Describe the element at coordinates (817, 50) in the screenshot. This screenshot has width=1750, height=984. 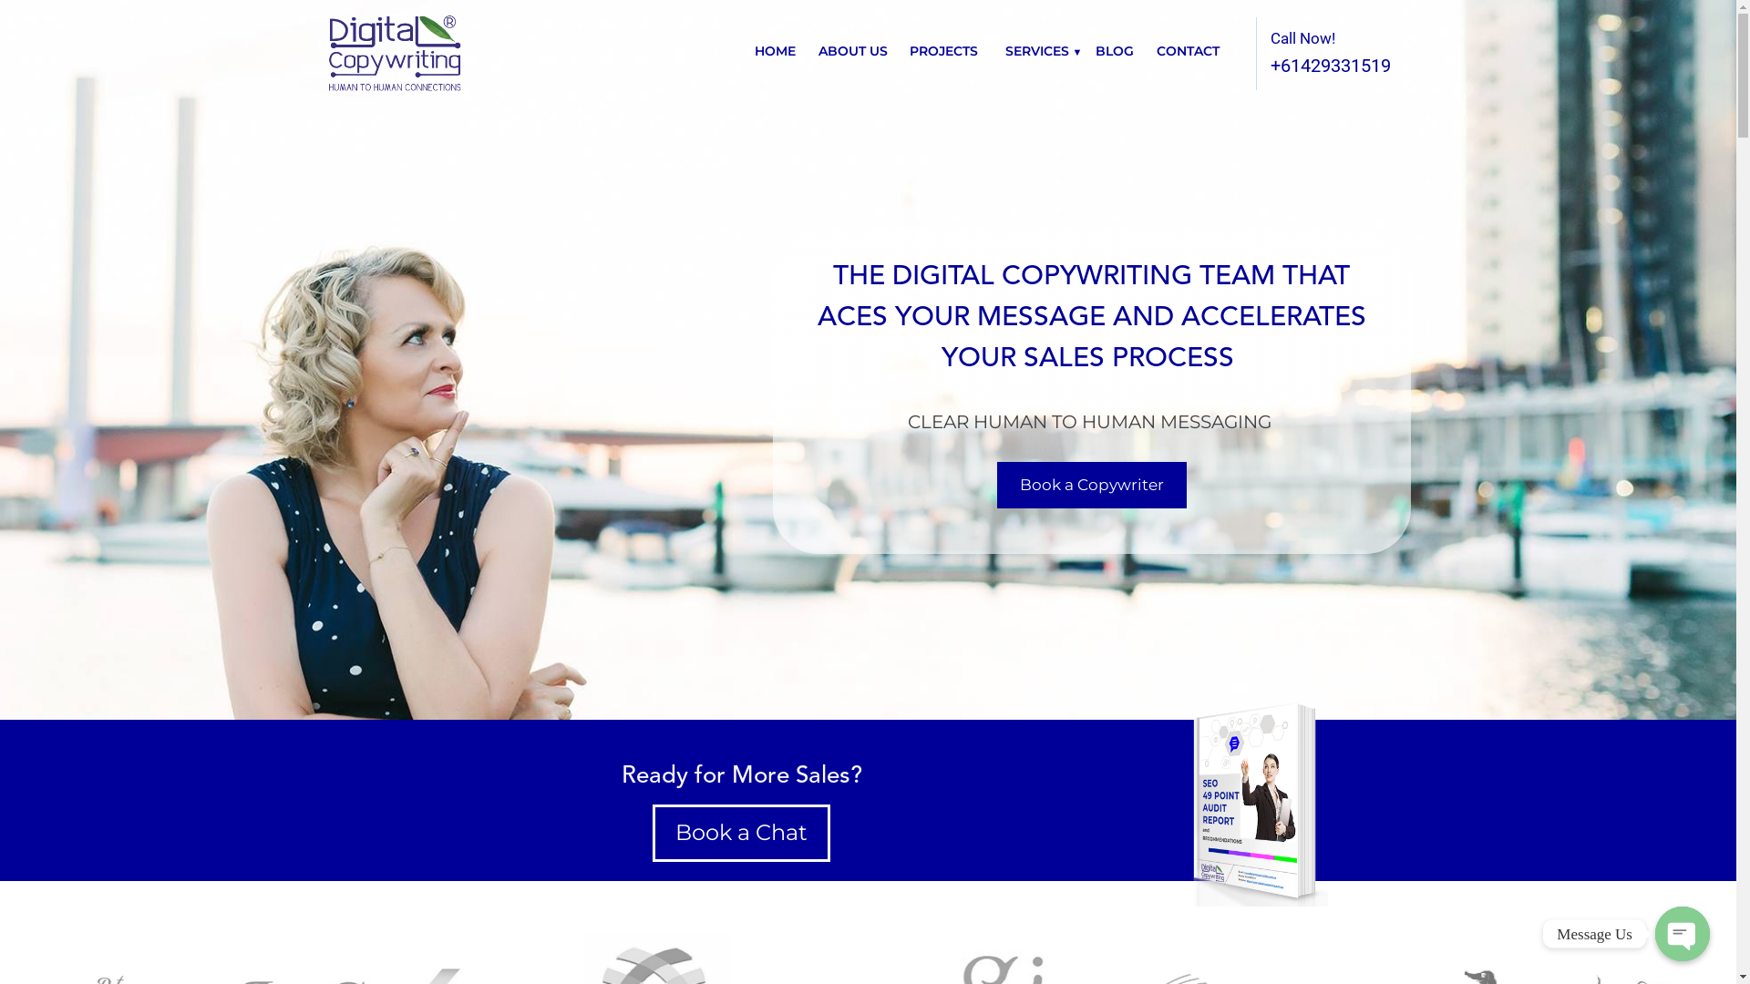
I see `'ABOUT US'` at that location.